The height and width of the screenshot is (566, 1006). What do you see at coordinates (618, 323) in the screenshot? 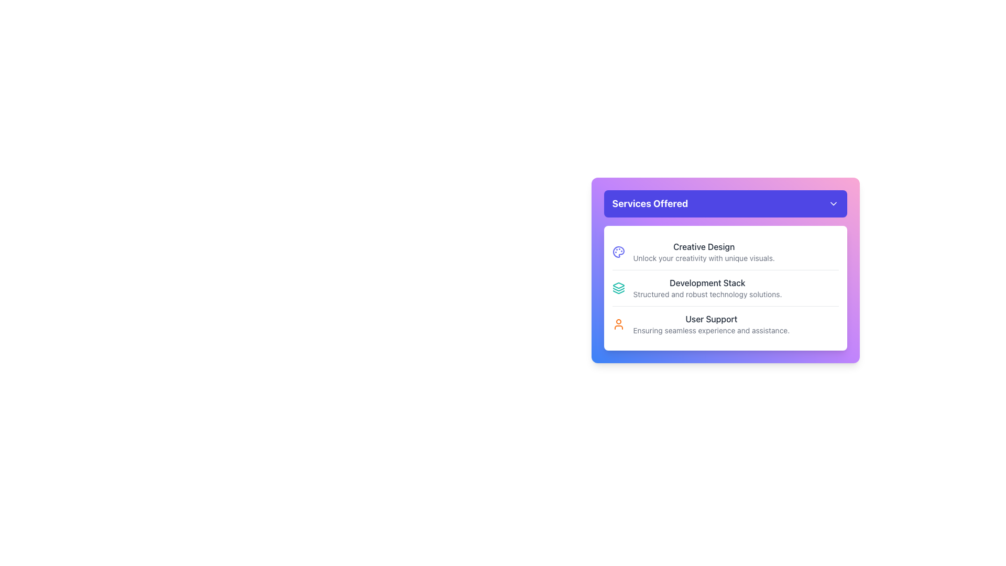
I see `the 'User Support' icon located in the bottom section of the 'Services Offered' list panel` at bounding box center [618, 323].